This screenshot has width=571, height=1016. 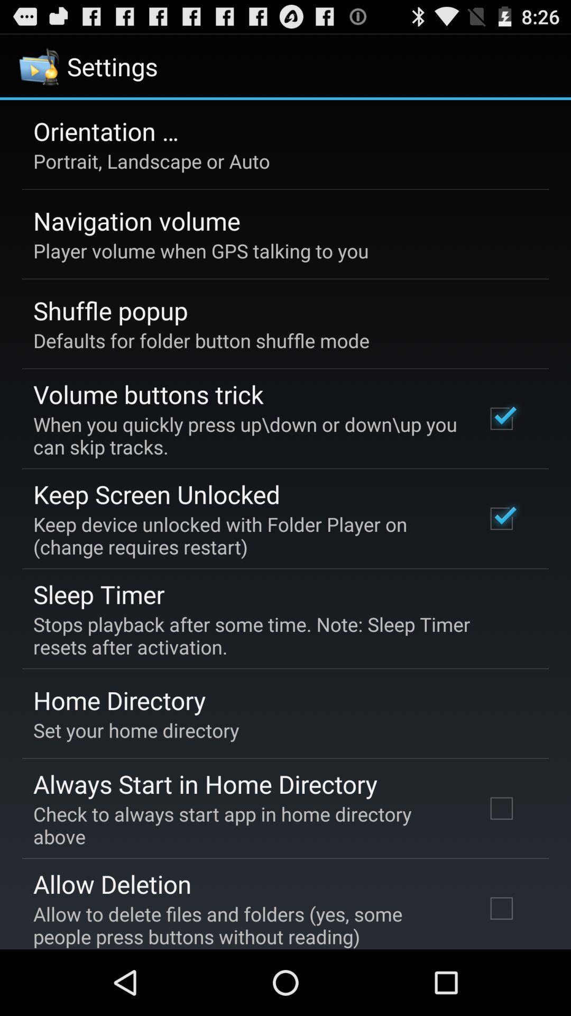 What do you see at coordinates (136, 220) in the screenshot?
I see `the navigation volume icon` at bounding box center [136, 220].